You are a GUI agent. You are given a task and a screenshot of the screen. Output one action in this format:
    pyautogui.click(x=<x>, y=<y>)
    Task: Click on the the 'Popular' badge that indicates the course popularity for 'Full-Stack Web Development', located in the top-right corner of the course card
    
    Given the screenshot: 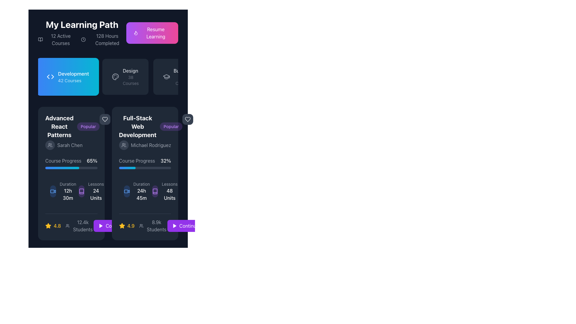 What is the action you would take?
    pyautogui.click(x=171, y=126)
    